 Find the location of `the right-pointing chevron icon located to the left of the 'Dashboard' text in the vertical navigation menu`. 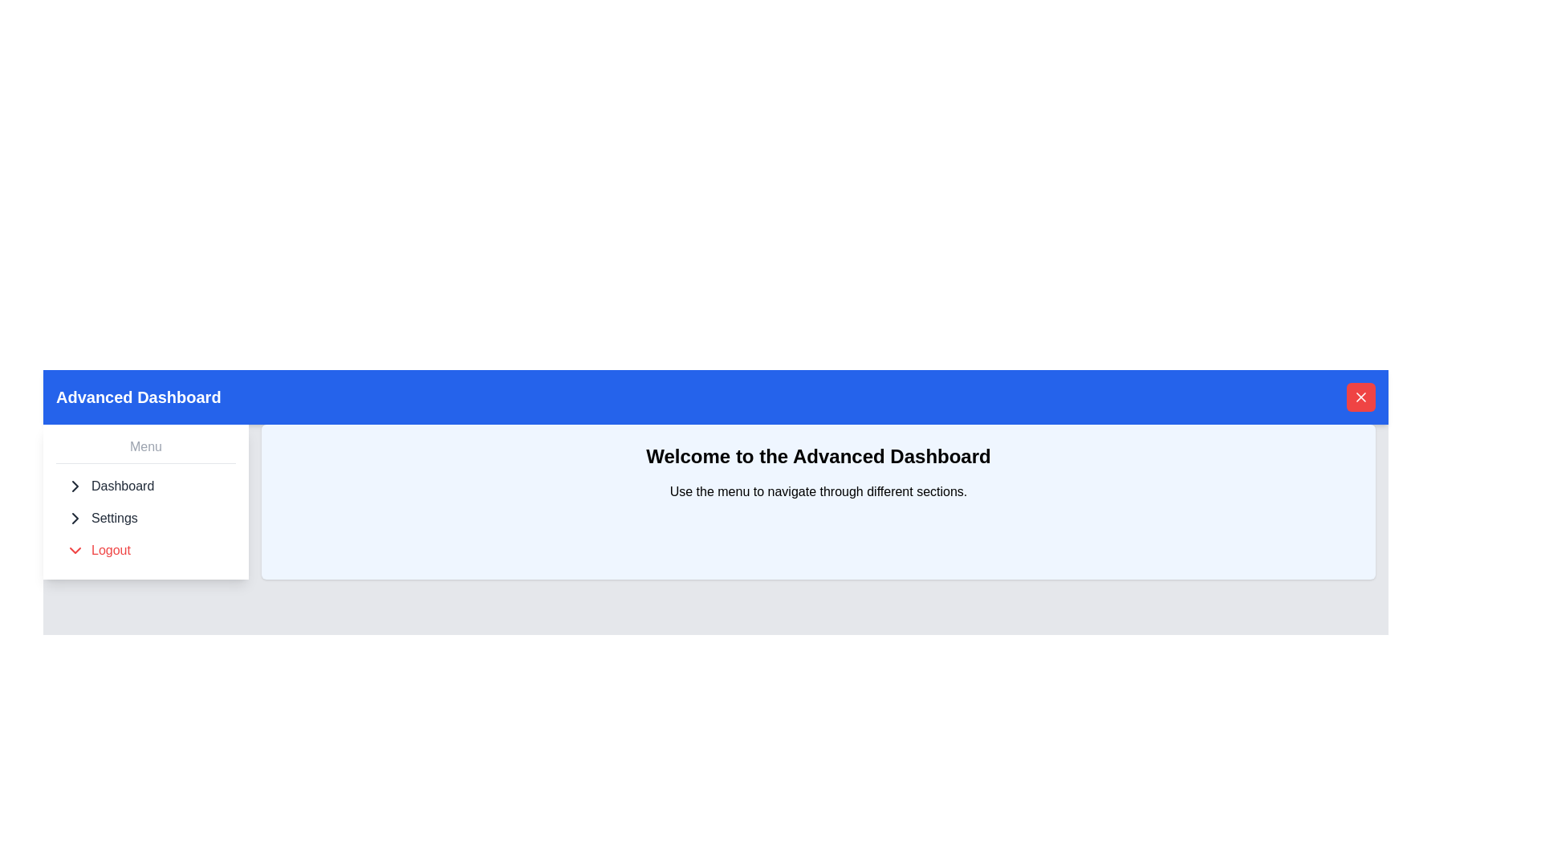

the right-pointing chevron icon located to the left of the 'Dashboard' text in the vertical navigation menu is located at coordinates (75, 485).